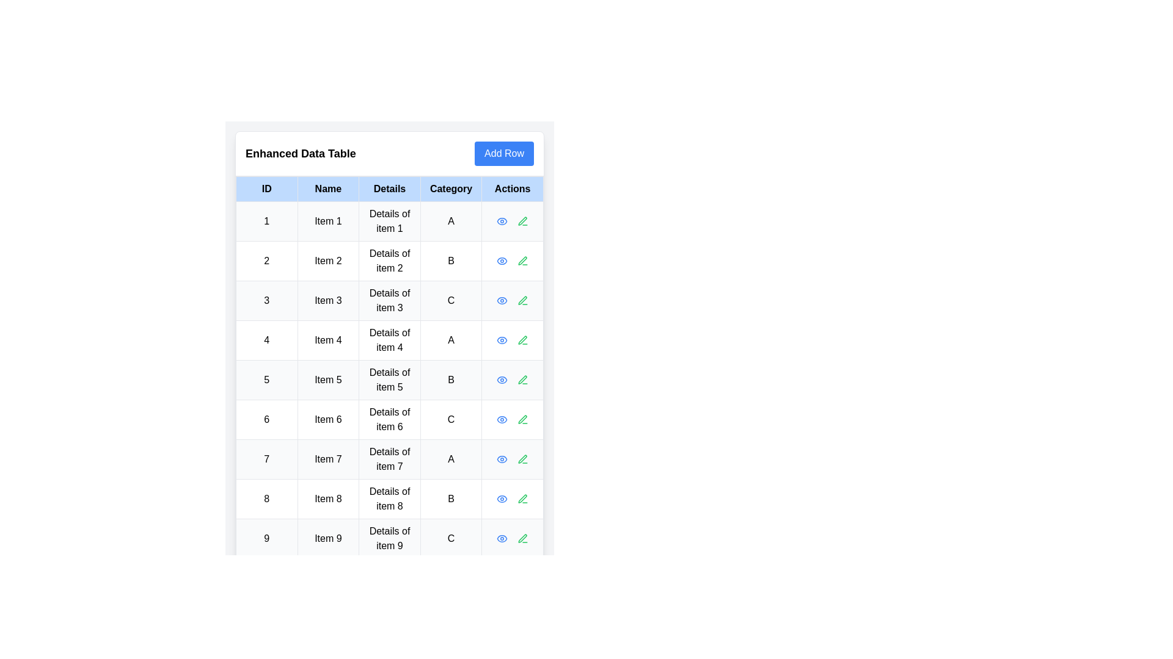 This screenshot has width=1173, height=659. Describe the element at coordinates (328, 538) in the screenshot. I see `the table cell displaying the name 'Item 9' in the last row of the table, located in the 'Name' column` at that location.